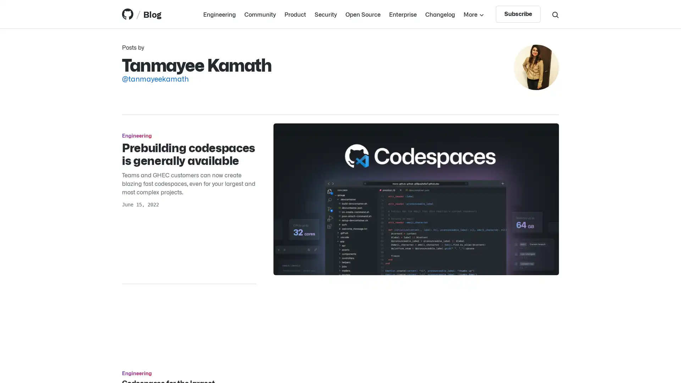 This screenshot has height=383, width=681. I want to click on More, so click(474, 13).